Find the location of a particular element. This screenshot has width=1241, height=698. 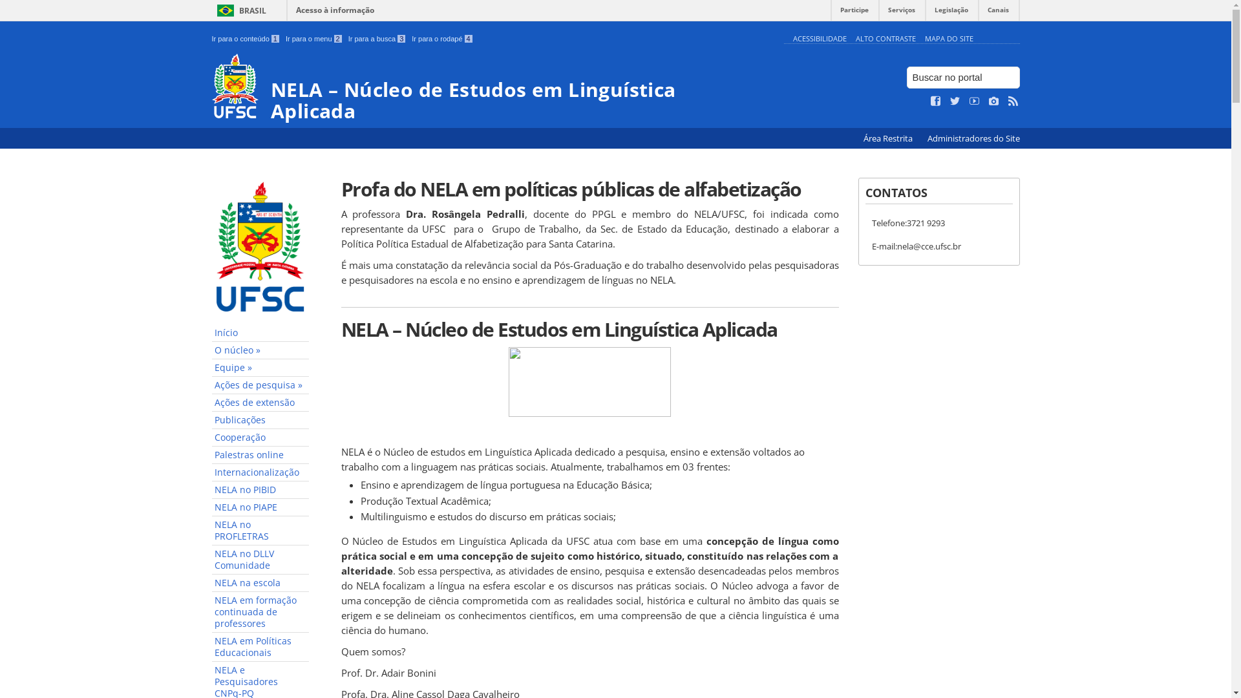

'ALTO CONTRASTE' is located at coordinates (885, 37).